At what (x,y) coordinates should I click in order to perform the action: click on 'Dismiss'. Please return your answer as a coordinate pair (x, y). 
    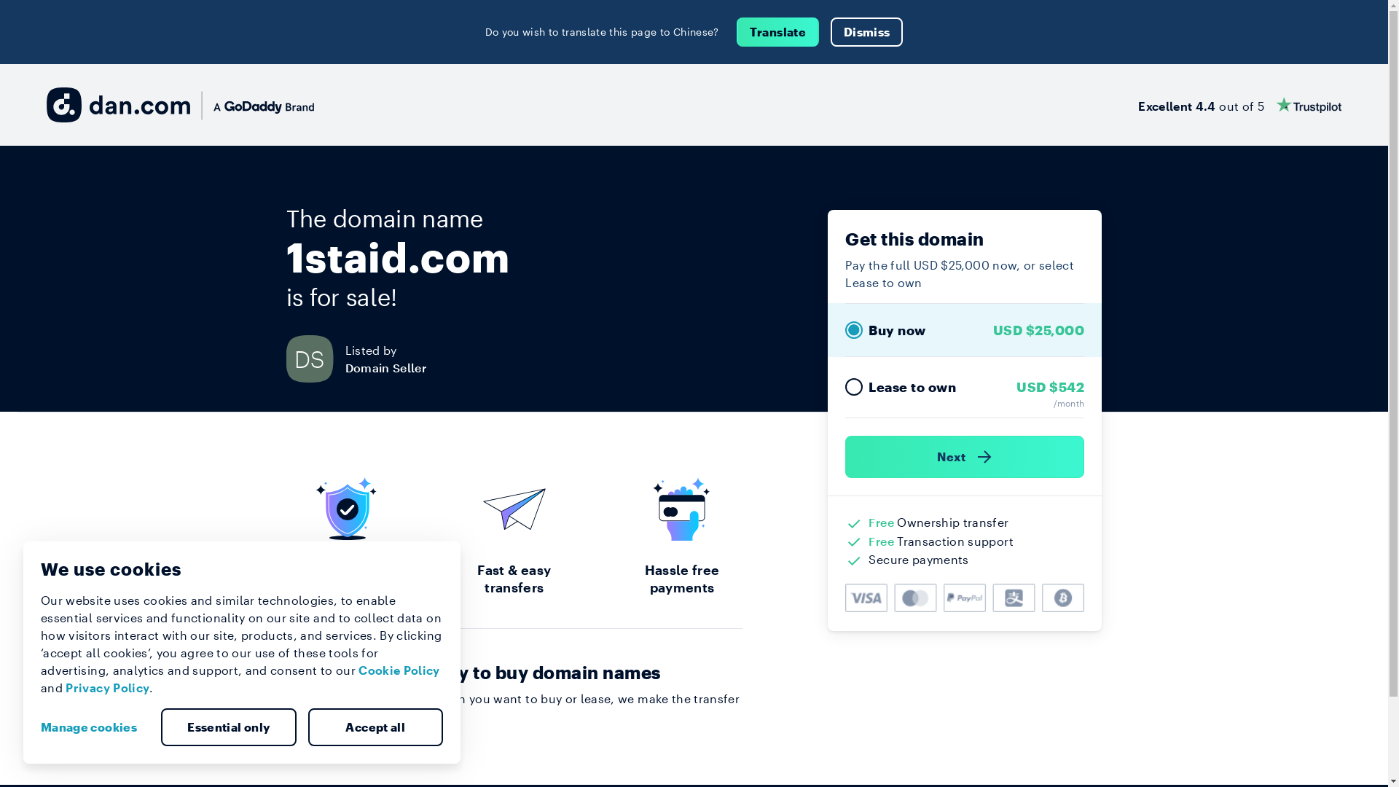
    Looking at the image, I should click on (831, 31).